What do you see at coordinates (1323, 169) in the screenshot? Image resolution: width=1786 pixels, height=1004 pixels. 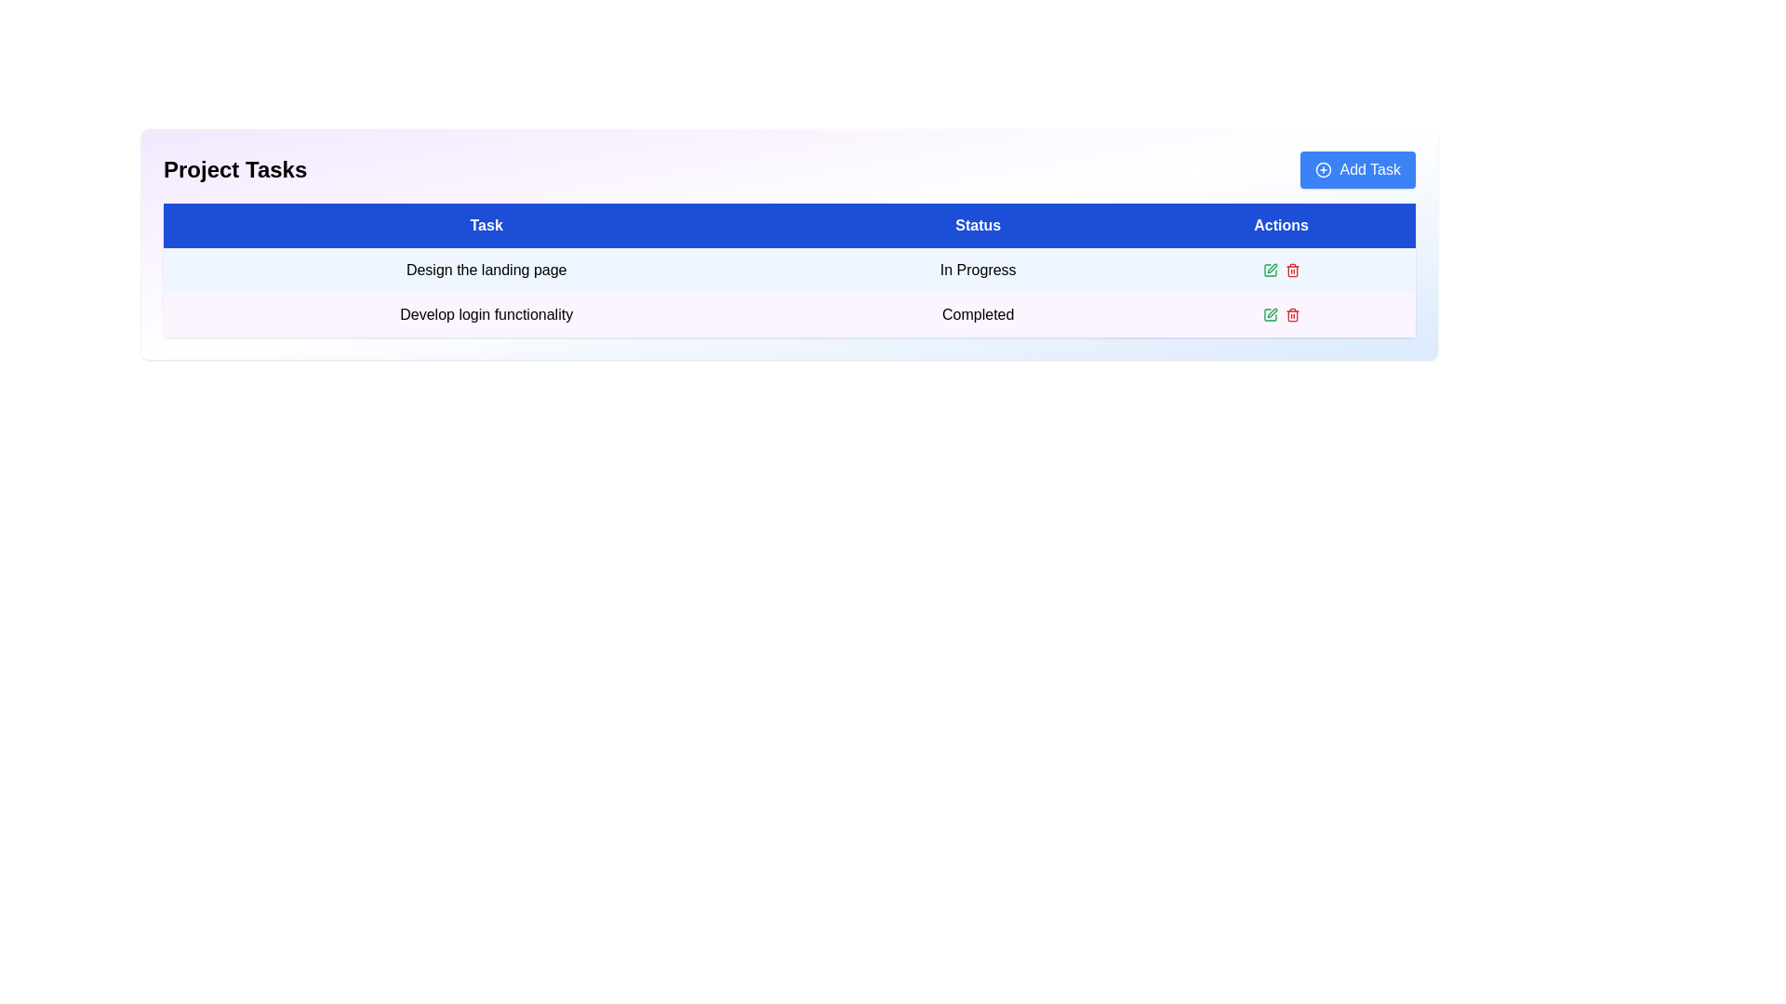 I see `the appearance of the decorative icon located to the left of the 'Add Task' text within the button in the top-right corner of the application interface` at bounding box center [1323, 169].